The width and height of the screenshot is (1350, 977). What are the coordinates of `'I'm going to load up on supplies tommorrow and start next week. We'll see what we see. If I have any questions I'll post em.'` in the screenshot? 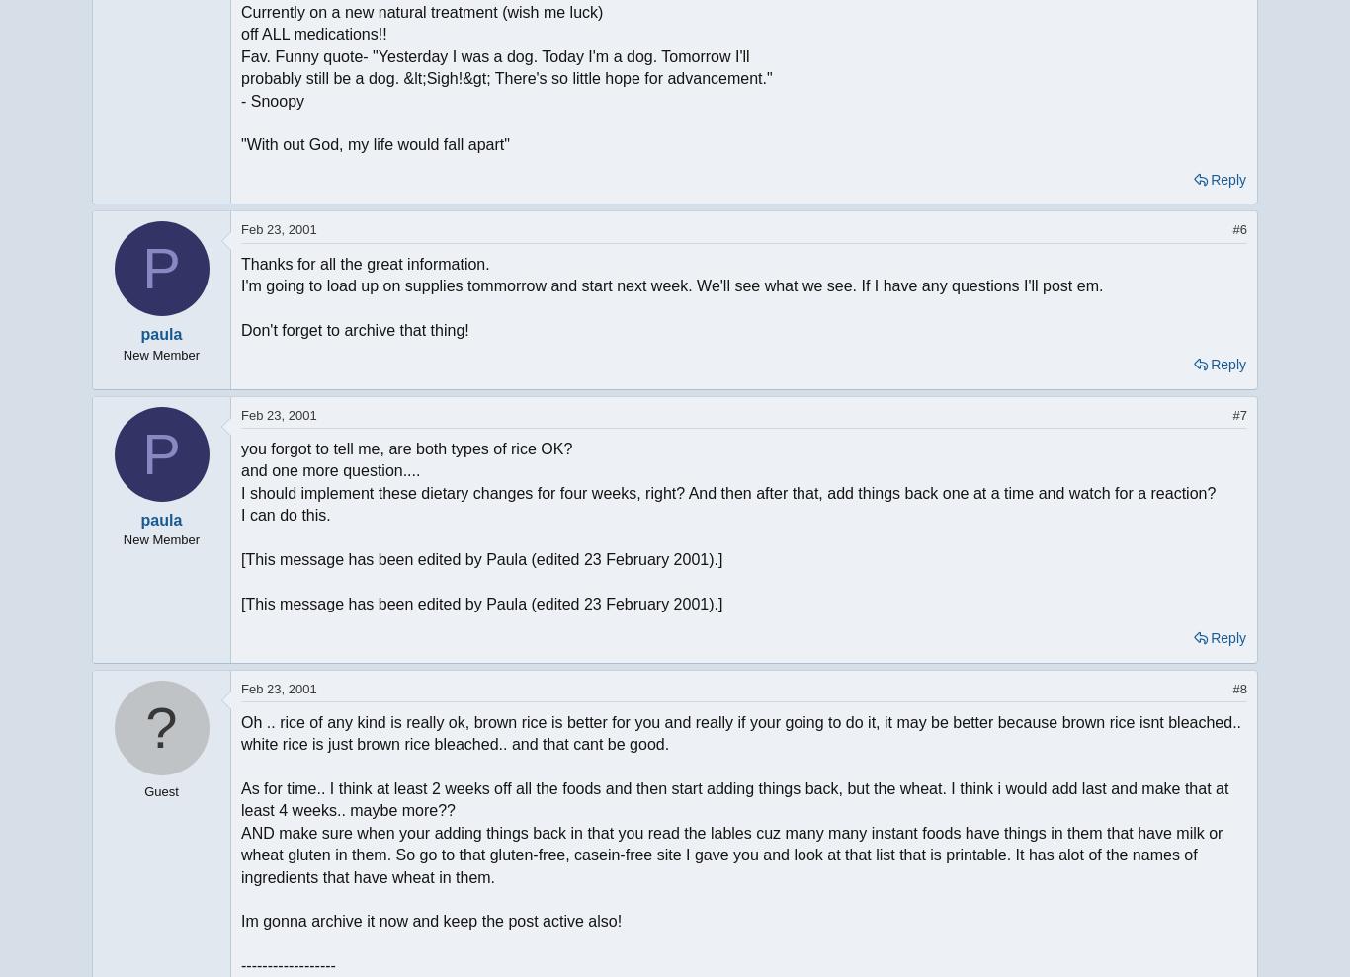 It's located at (240, 285).